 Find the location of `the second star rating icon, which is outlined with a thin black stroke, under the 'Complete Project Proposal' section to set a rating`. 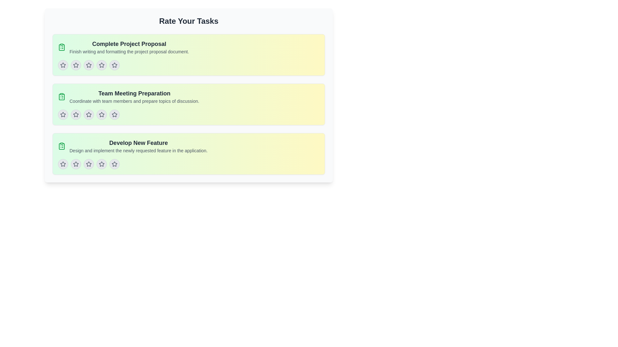

the second star rating icon, which is outlined with a thin black stroke, under the 'Complete Project Proposal' section to set a rating is located at coordinates (101, 65).